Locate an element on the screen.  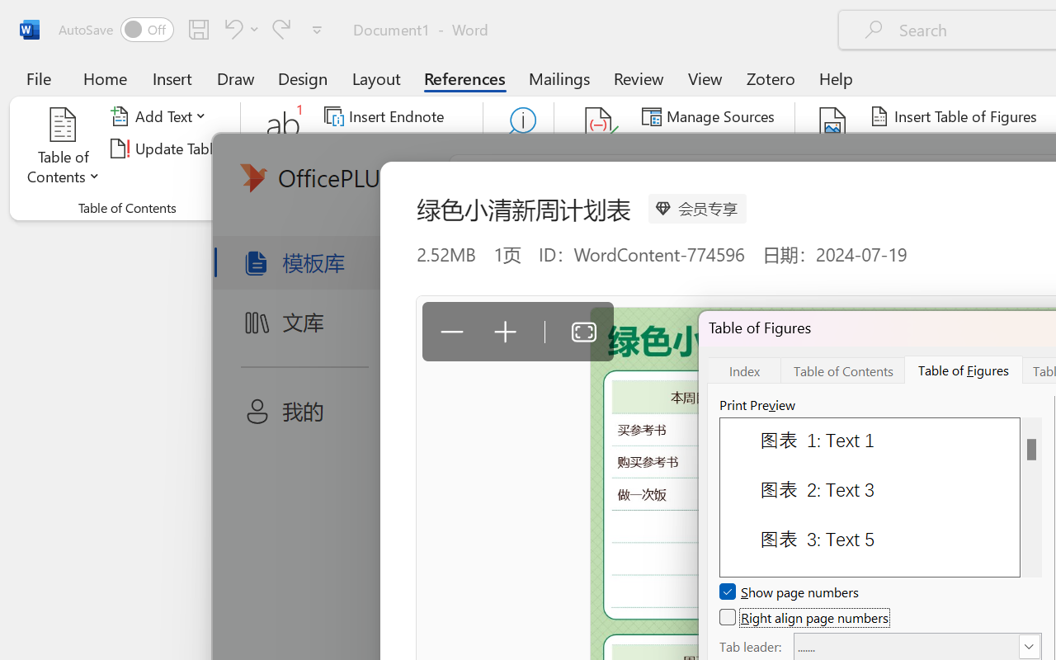
'Undo Apply Quick Style Set' is located at coordinates (238, 28).